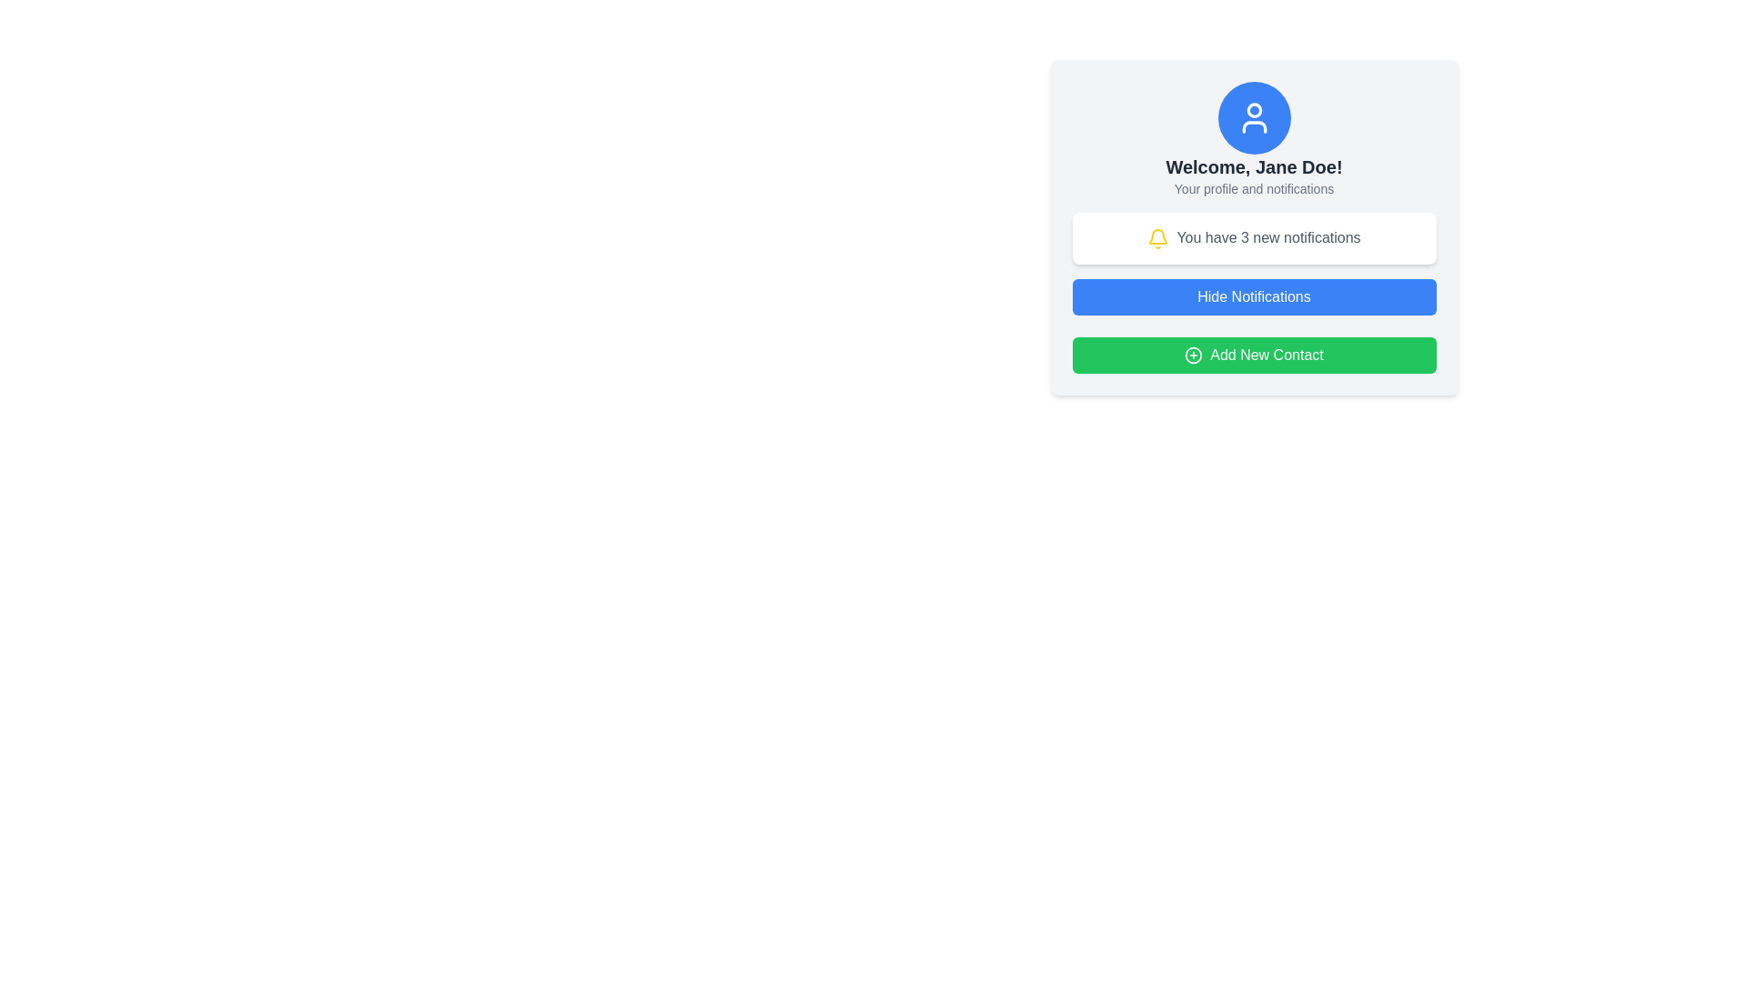 This screenshot has height=982, width=1747. Describe the element at coordinates (1253, 118) in the screenshot. I see `the profile icon located centrally within the blue circular button at the top of the panel for navigation purposes` at that location.